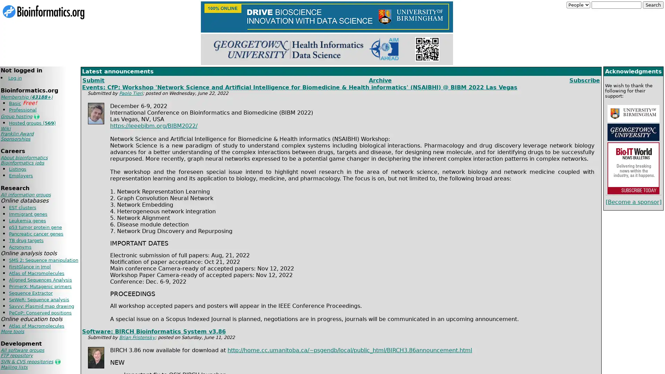 This screenshot has width=665, height=374. Describe the element at coordinates (653, 5) in the screenshot. I see `Search` at that location.